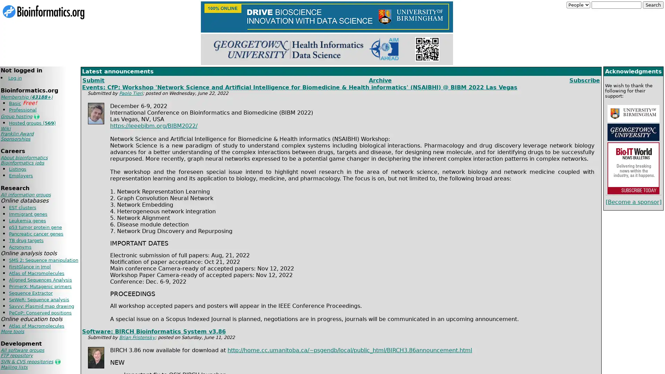 This screenshot has width=665, height=374. Describe the element at coordinates (653, 5) in the screenshot. I see `Search` at that location.